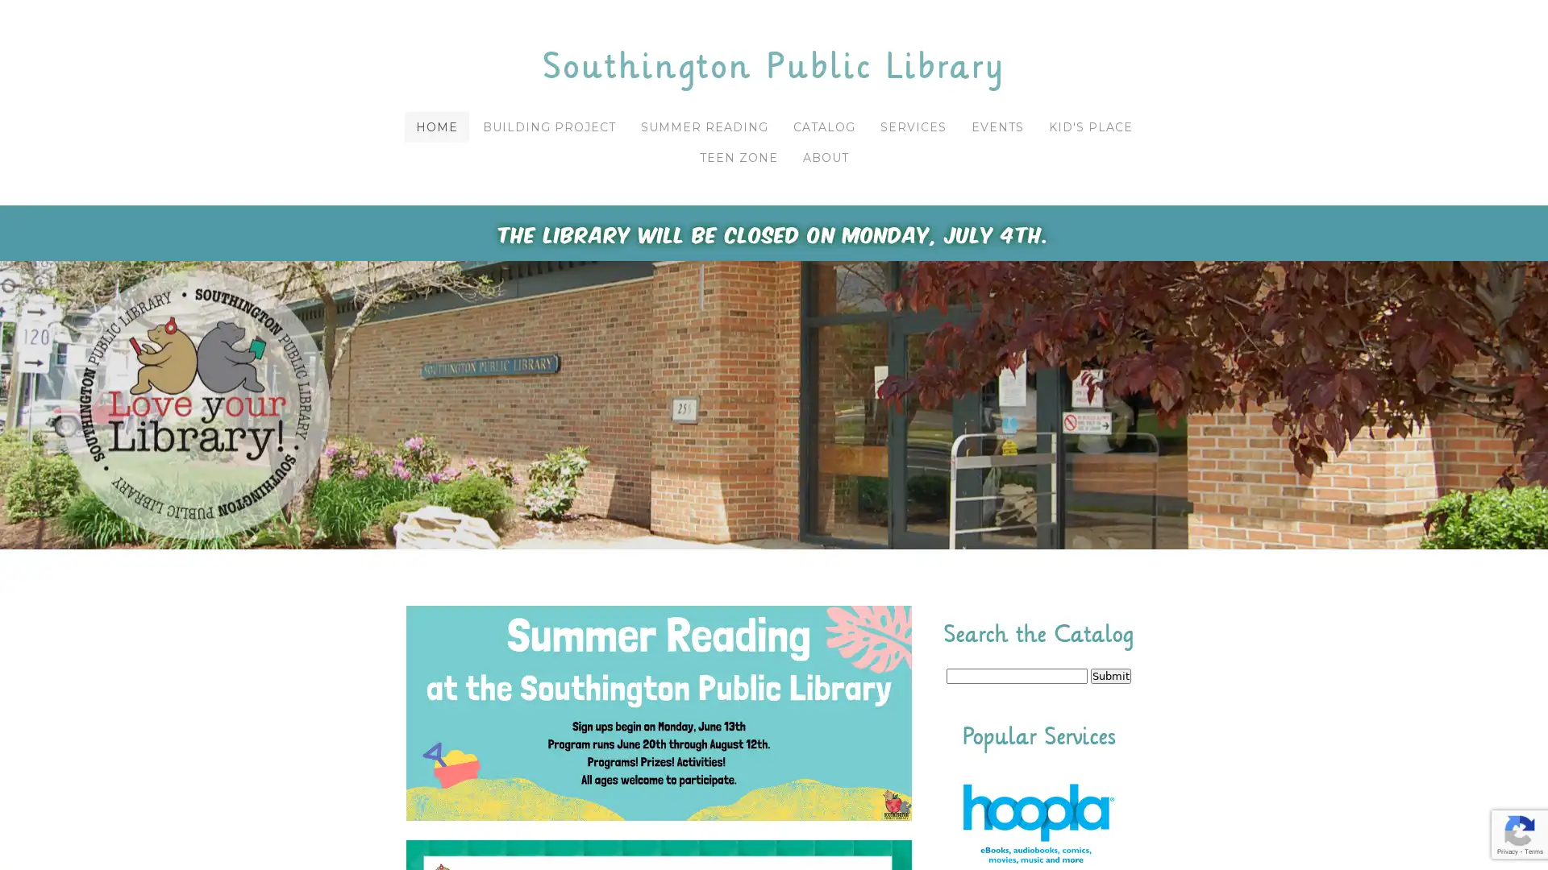 The width and height of the screenshot is (1548, 870). What do you see at coordinates (1109, 676) in the screenshot?
I see `Submit` at bounding box center [1109, 676].